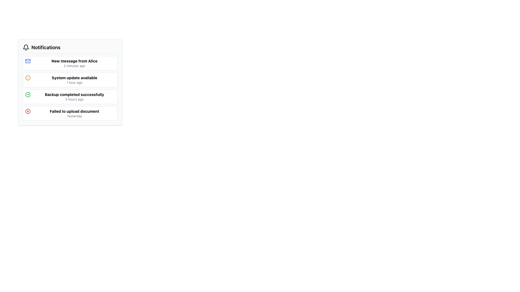 Image resolution: width=520 pixels, height=292 pixels. I want to click on the leftmost icon in the notification entry labeled 'Backup completed successfully', which is the third notification in the list, so click(27, 94).